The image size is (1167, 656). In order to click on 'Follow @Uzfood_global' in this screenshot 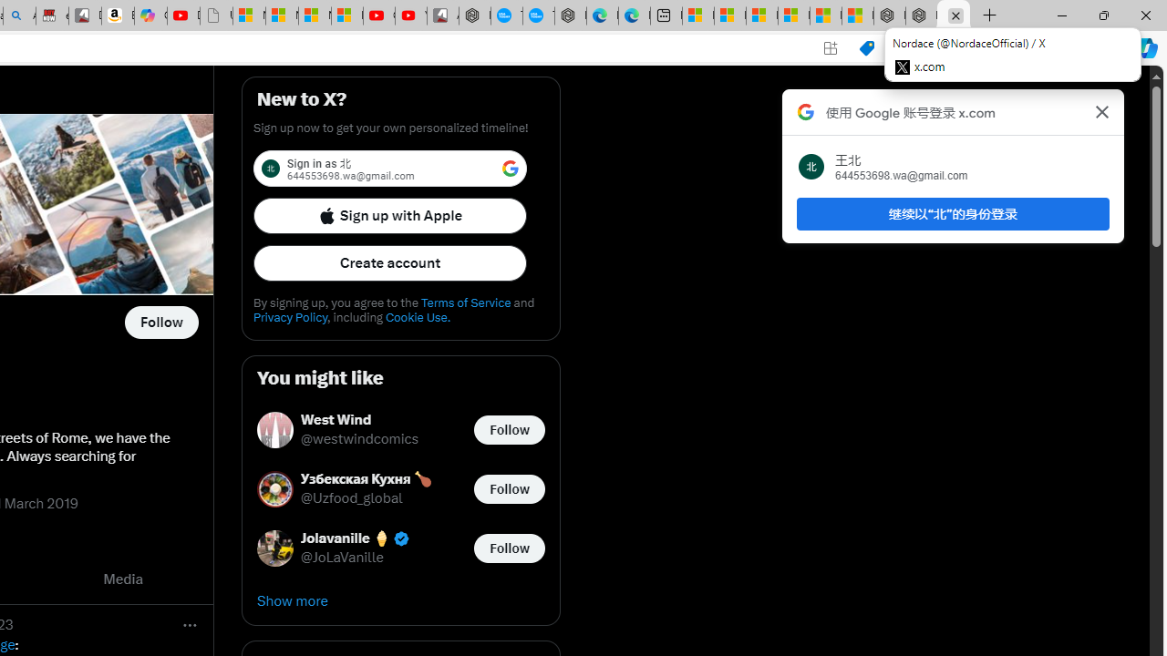, I will do `click(509, 487)`.